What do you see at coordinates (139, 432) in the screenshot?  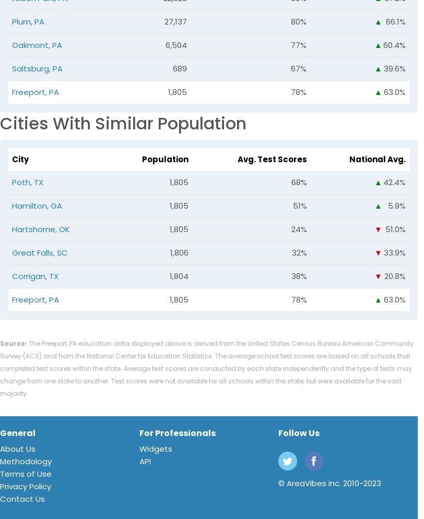 I see `'For Professionals'` at bounding box center [139, 432].